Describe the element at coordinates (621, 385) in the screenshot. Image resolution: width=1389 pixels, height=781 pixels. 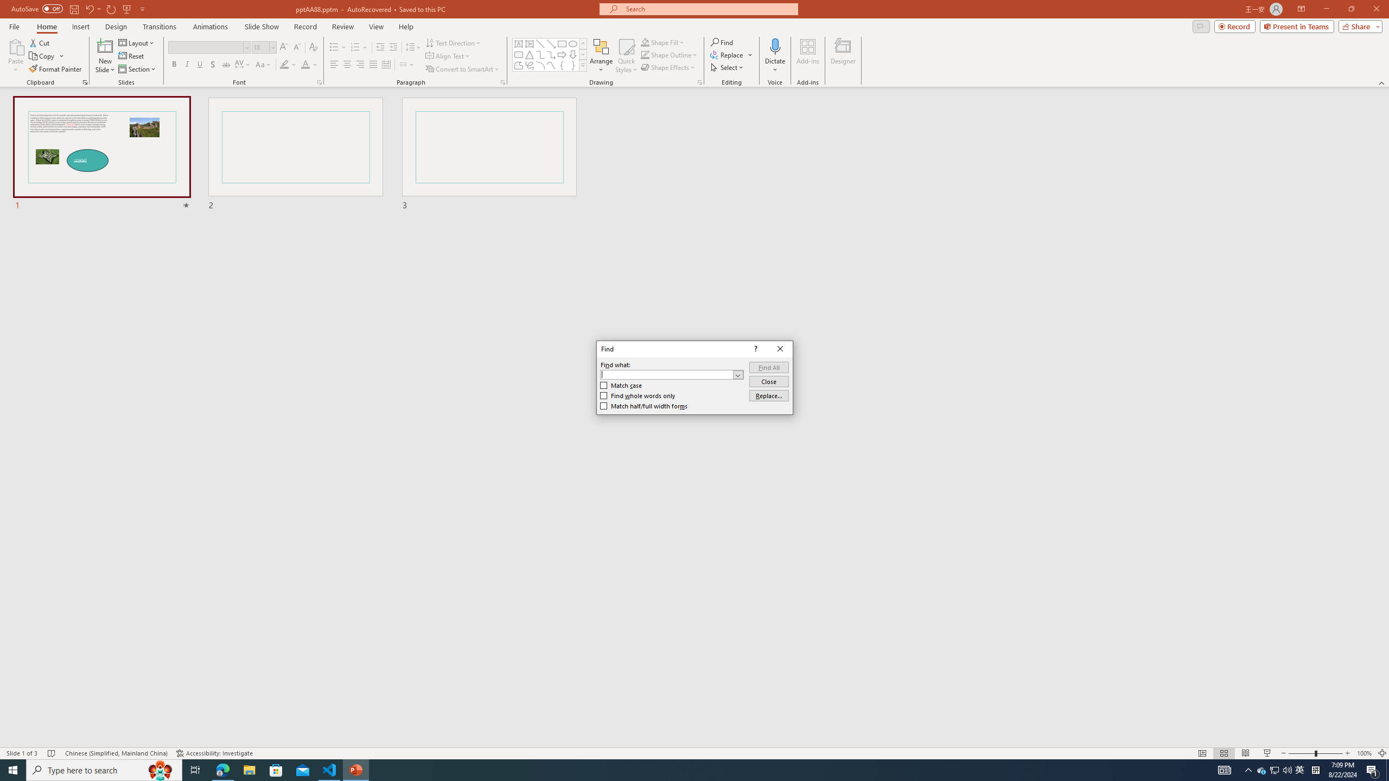
I see `'Match case'` at that location.